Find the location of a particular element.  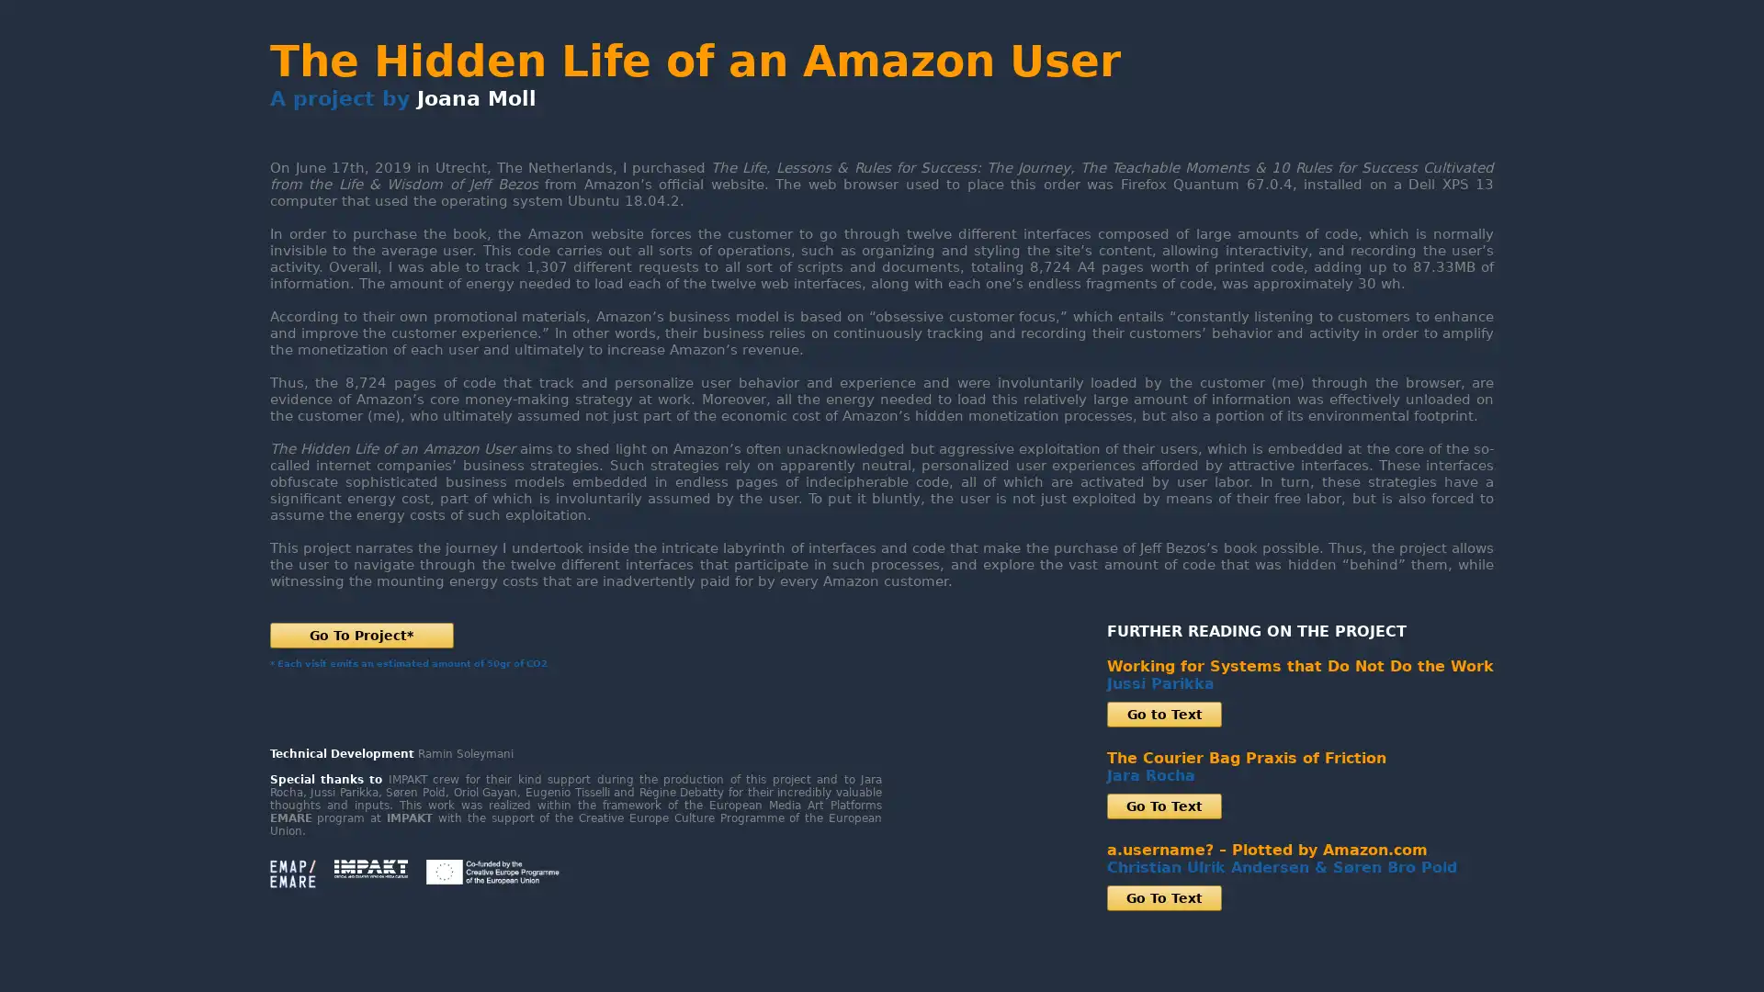

Go To Project* is located at coordinates (361, 634).